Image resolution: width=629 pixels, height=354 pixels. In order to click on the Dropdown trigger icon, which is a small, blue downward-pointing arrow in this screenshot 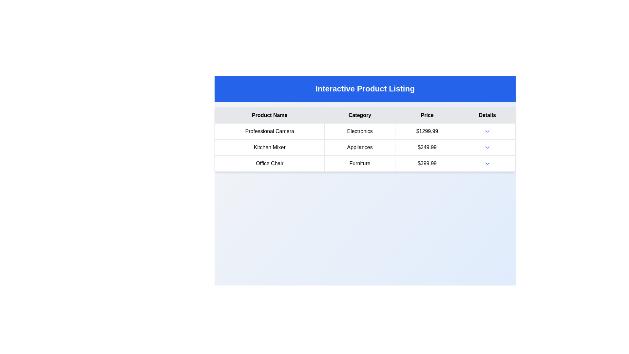, I will do `click(487, 163)`.